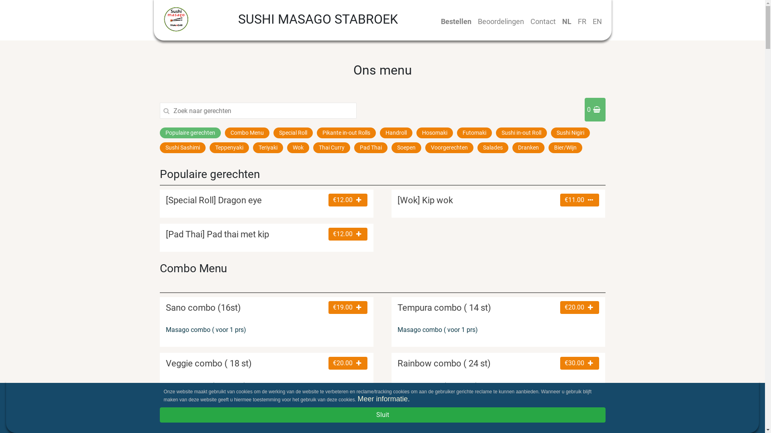  Describe the element at coordinates (521, 132) in the screenshot. I see `'Sushi in-out Roll'` at that location.